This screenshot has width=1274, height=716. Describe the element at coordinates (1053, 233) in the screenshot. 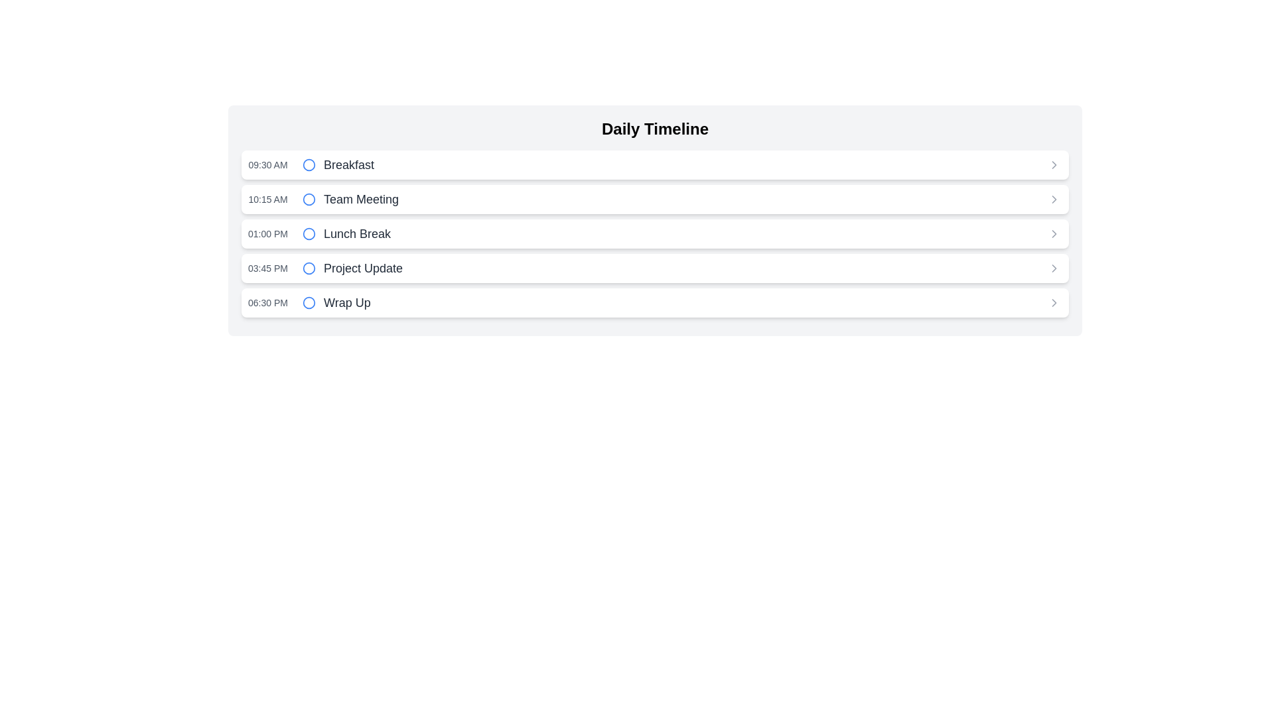

I see `the Chevron icon at the far right of the 'Lunch Break' timeline item to change its color` at that location.